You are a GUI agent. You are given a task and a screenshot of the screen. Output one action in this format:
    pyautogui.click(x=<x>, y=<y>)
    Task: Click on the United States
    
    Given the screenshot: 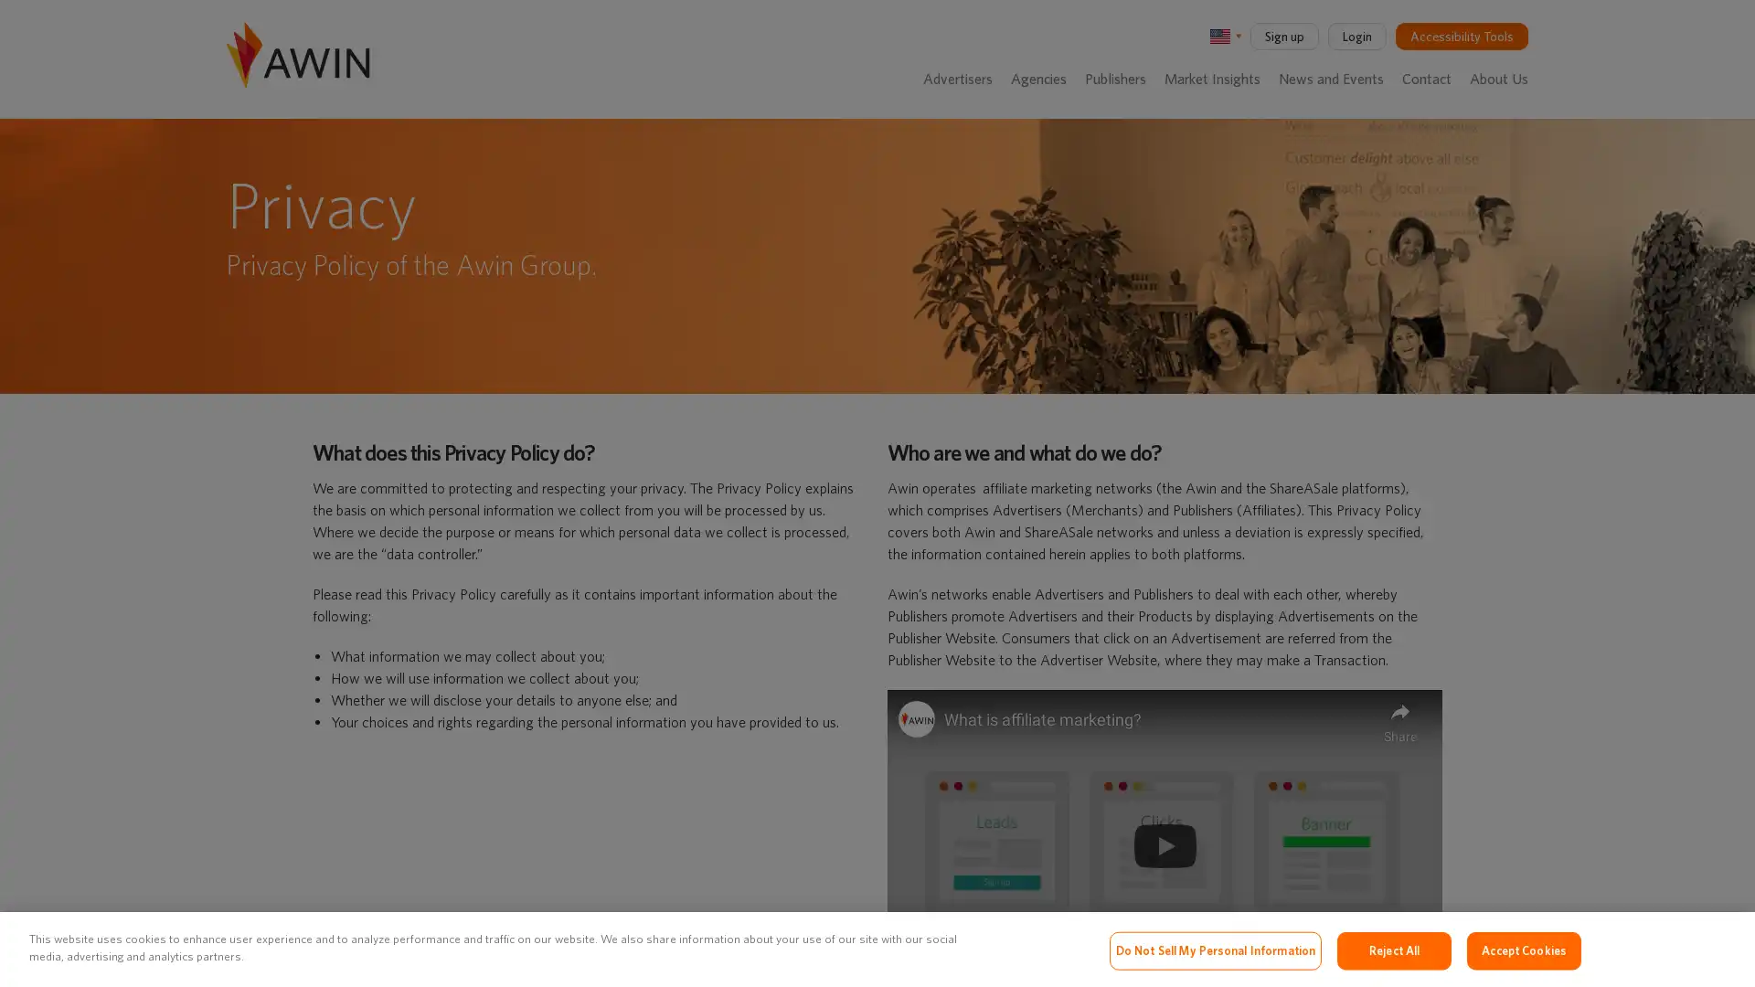 What is the action you would take?
    pyautogui.click(x=1223, y=36)
    